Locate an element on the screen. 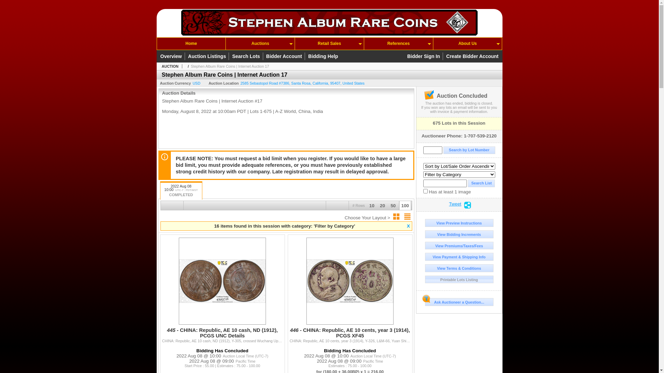 The image size is (664, 373). 'Auctions' is located at coordinates (260, 44).